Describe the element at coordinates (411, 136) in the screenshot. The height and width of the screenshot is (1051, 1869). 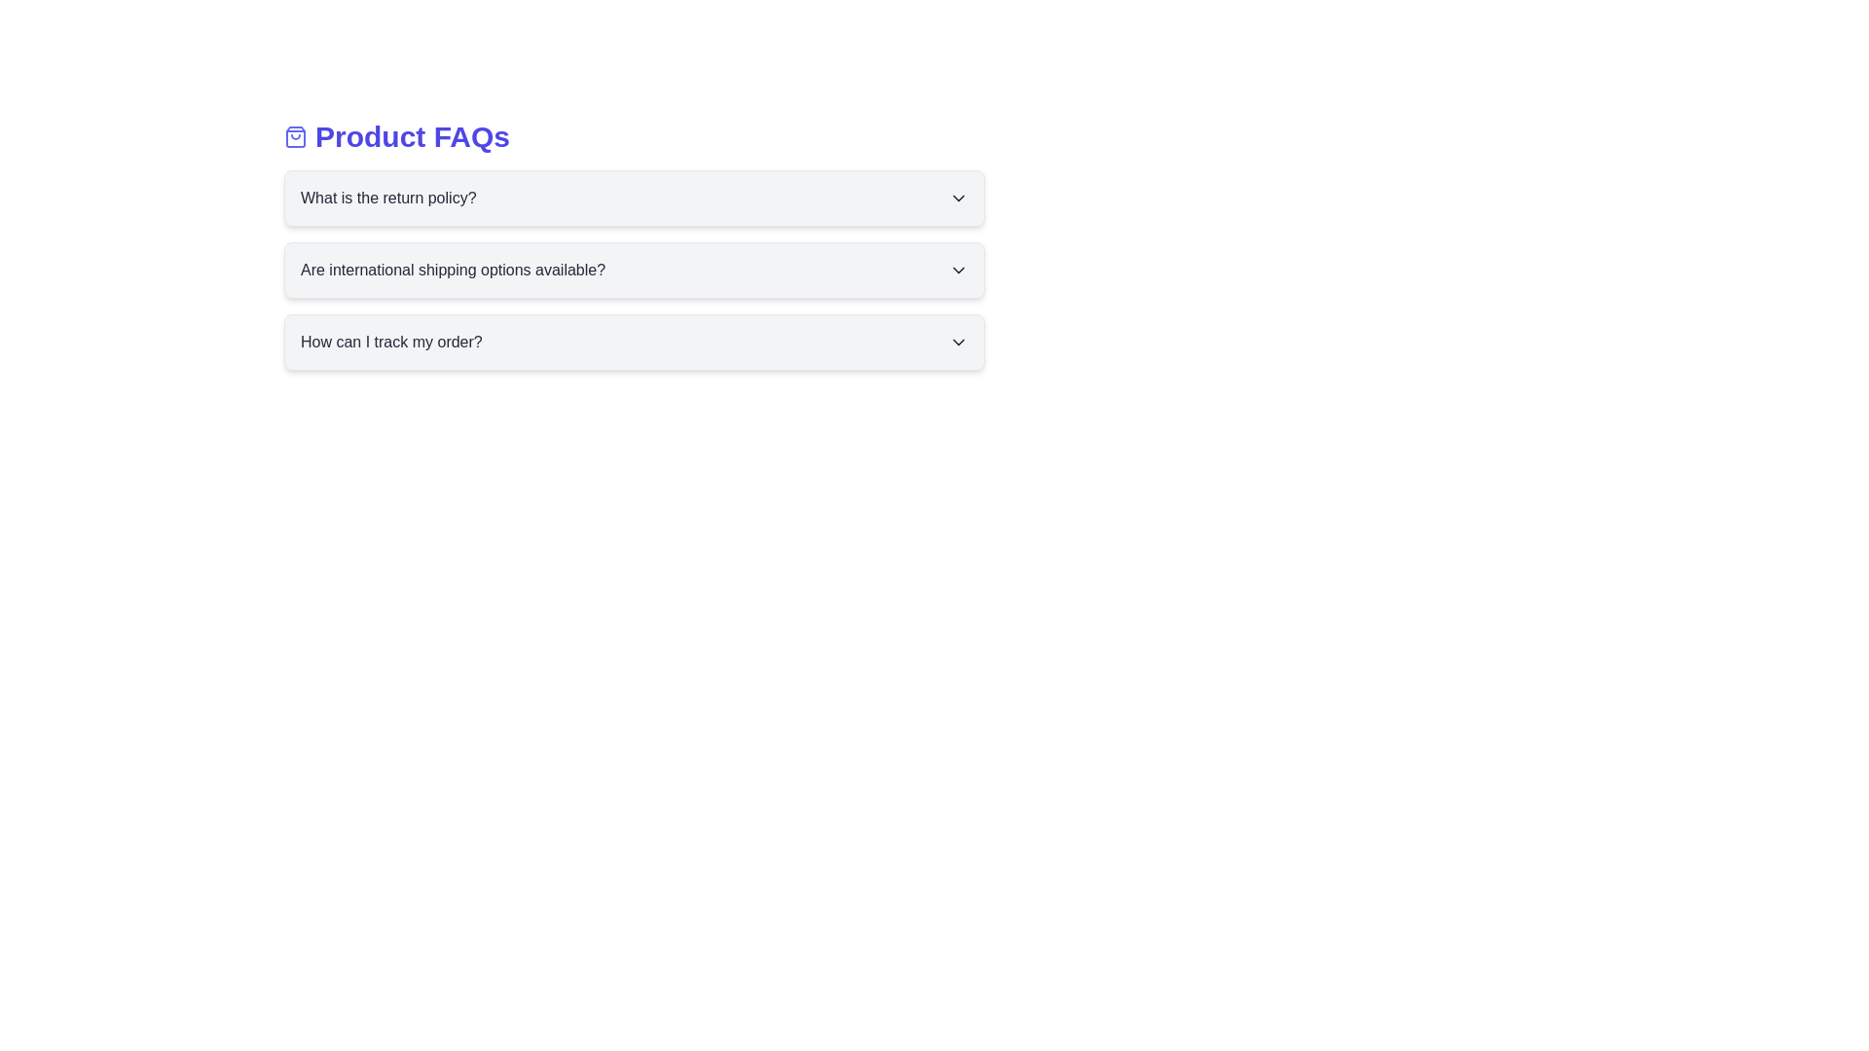
I see `the bold, large-sized text label displaying 'Product FAQs', which is styled in indigo and located to the right of a shopping bag icon` at that location.